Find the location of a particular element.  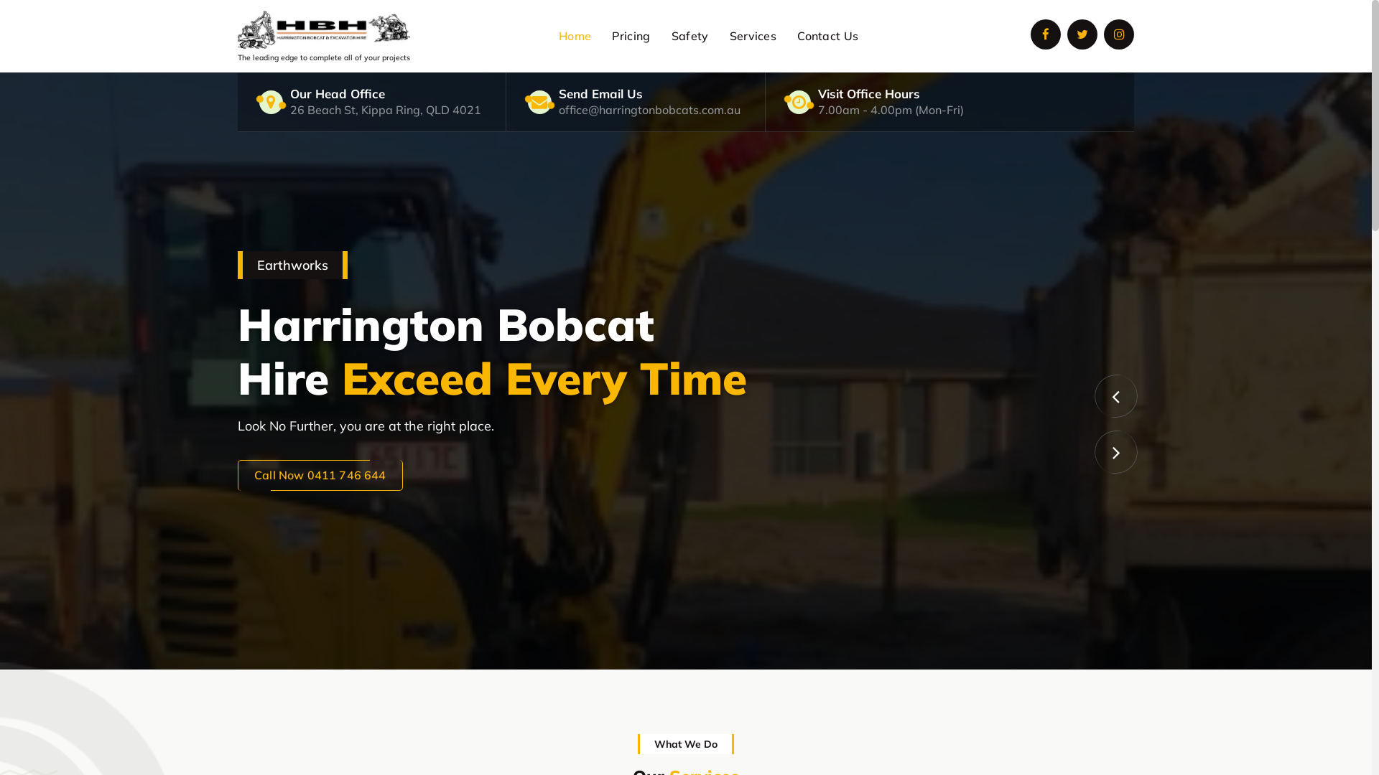

'Contact Us' is located at coordinates (787, 35).